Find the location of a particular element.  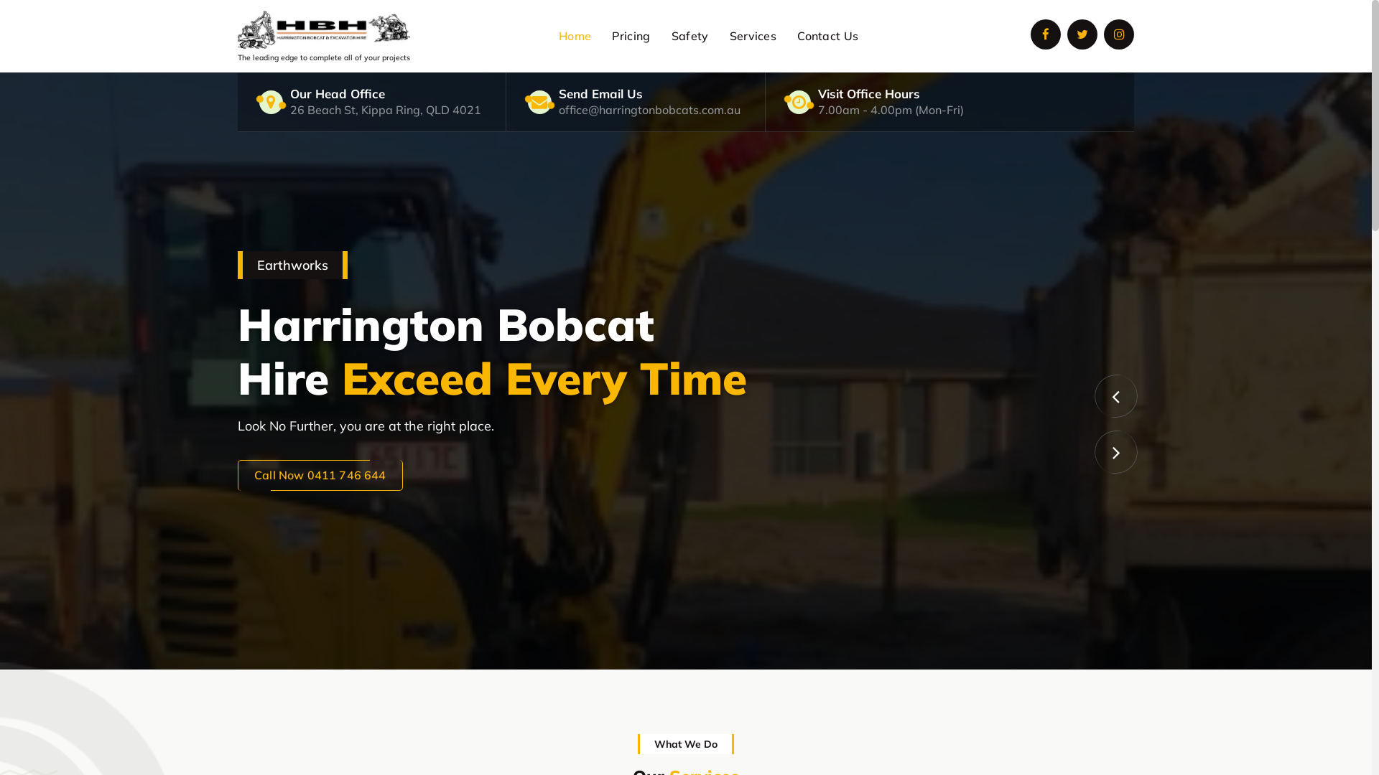

'Contact Us' is located at coordinates (787, 35).